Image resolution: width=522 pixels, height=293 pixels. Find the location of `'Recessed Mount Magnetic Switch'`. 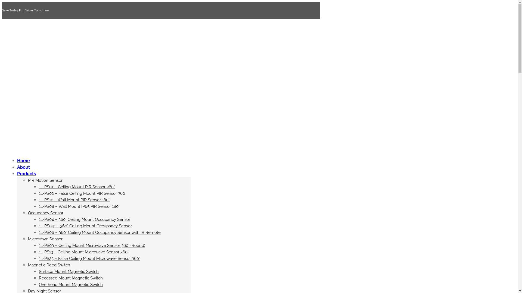

'Recessed Mount Magnetic Switch' is located at coordinates (70, 278).